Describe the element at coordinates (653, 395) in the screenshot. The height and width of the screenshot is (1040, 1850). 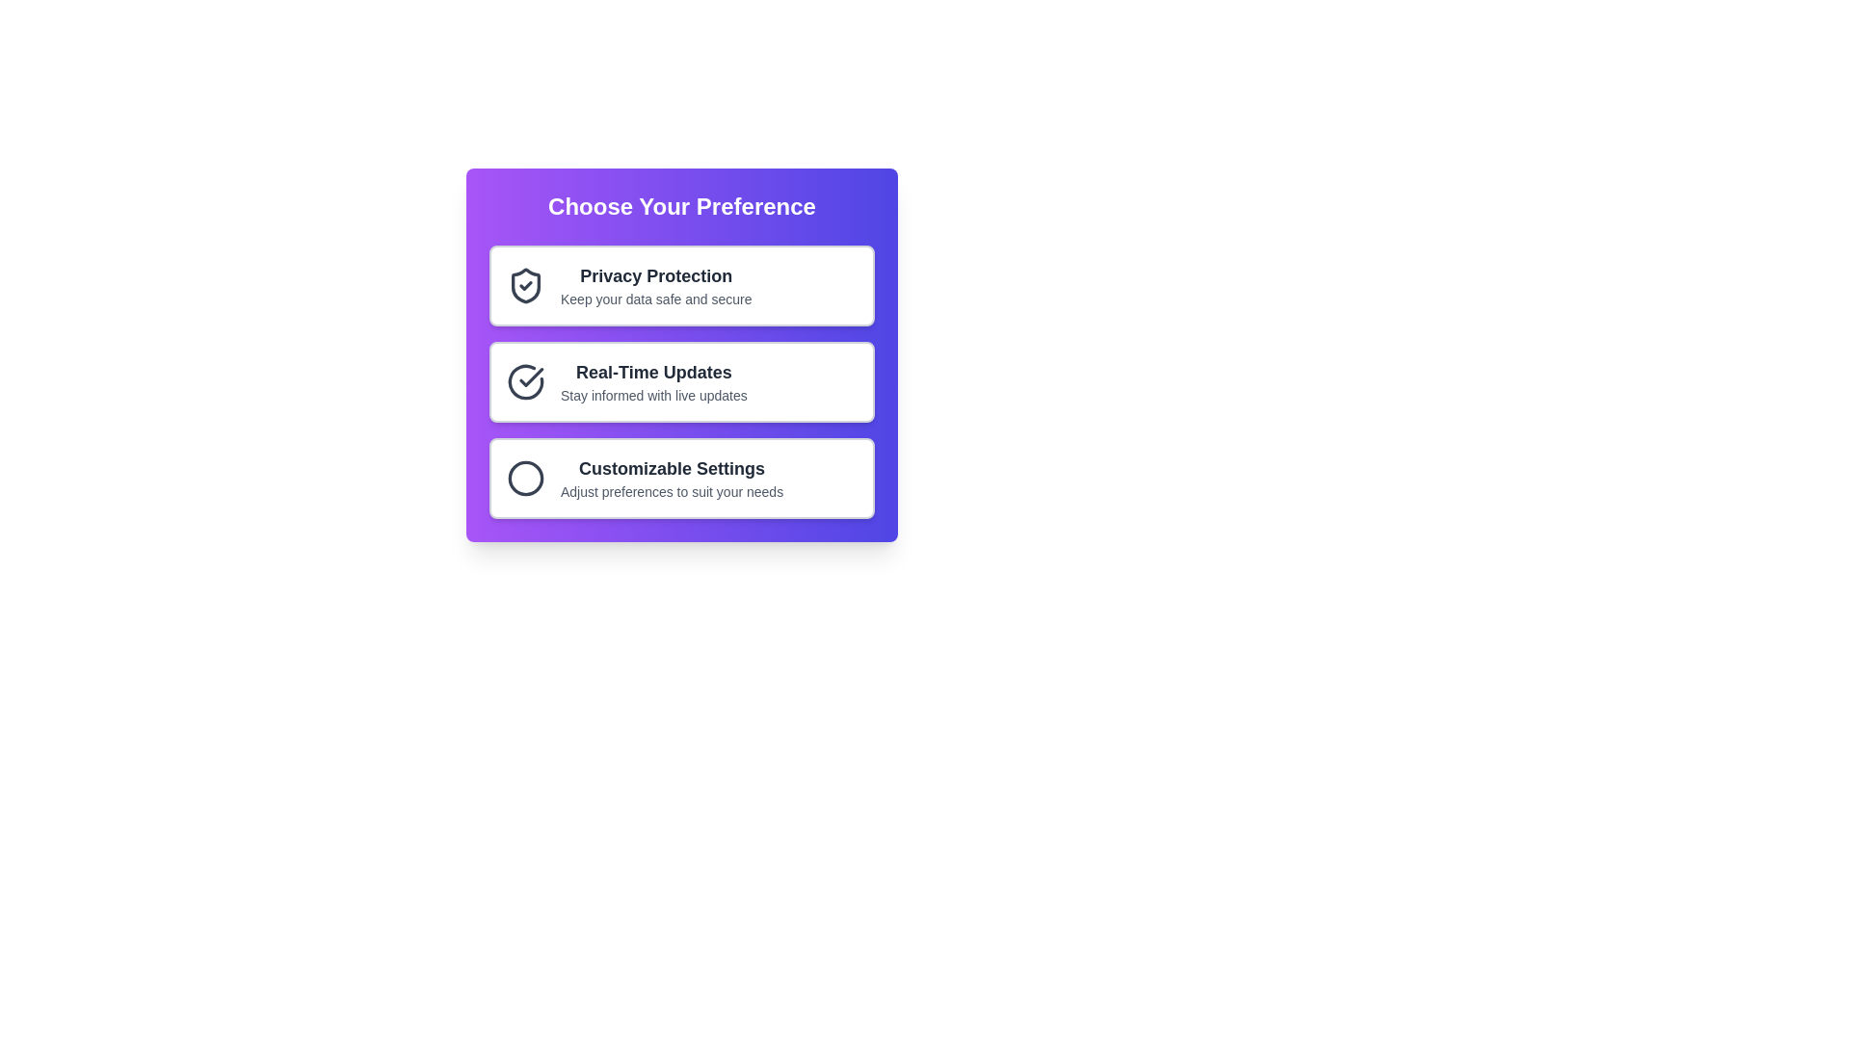
I see `text element that says 'Stay informed with live updates', which is styled in a smaller soft gray font and located directly below the bold heading 'Real-Time Updates'` at that location.